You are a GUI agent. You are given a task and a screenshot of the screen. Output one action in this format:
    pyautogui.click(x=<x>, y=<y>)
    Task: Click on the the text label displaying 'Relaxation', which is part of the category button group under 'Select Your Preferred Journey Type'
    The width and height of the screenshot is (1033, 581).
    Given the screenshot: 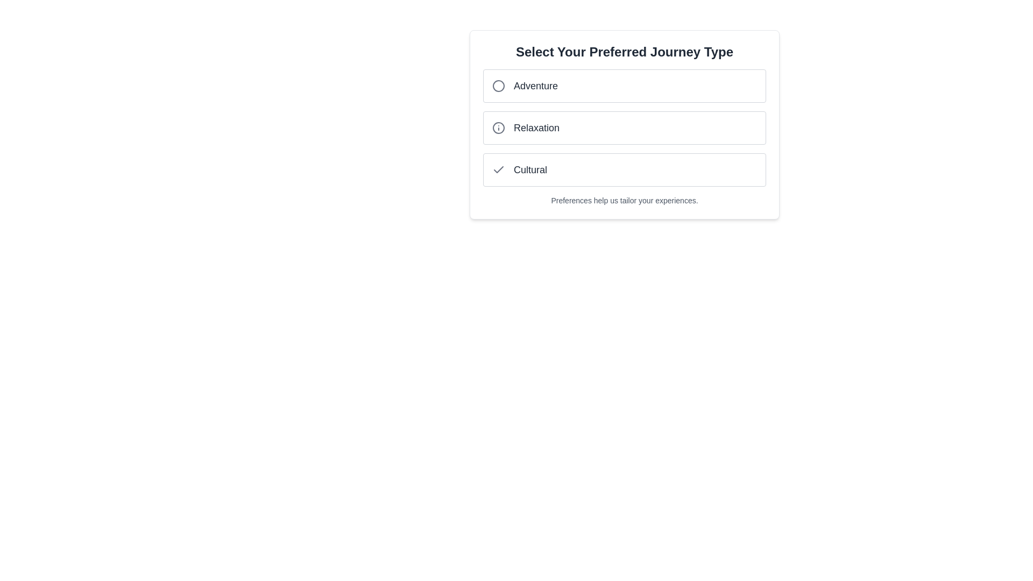 What is the action you would take?
    pyautogui.click(x=536, y=127)
    